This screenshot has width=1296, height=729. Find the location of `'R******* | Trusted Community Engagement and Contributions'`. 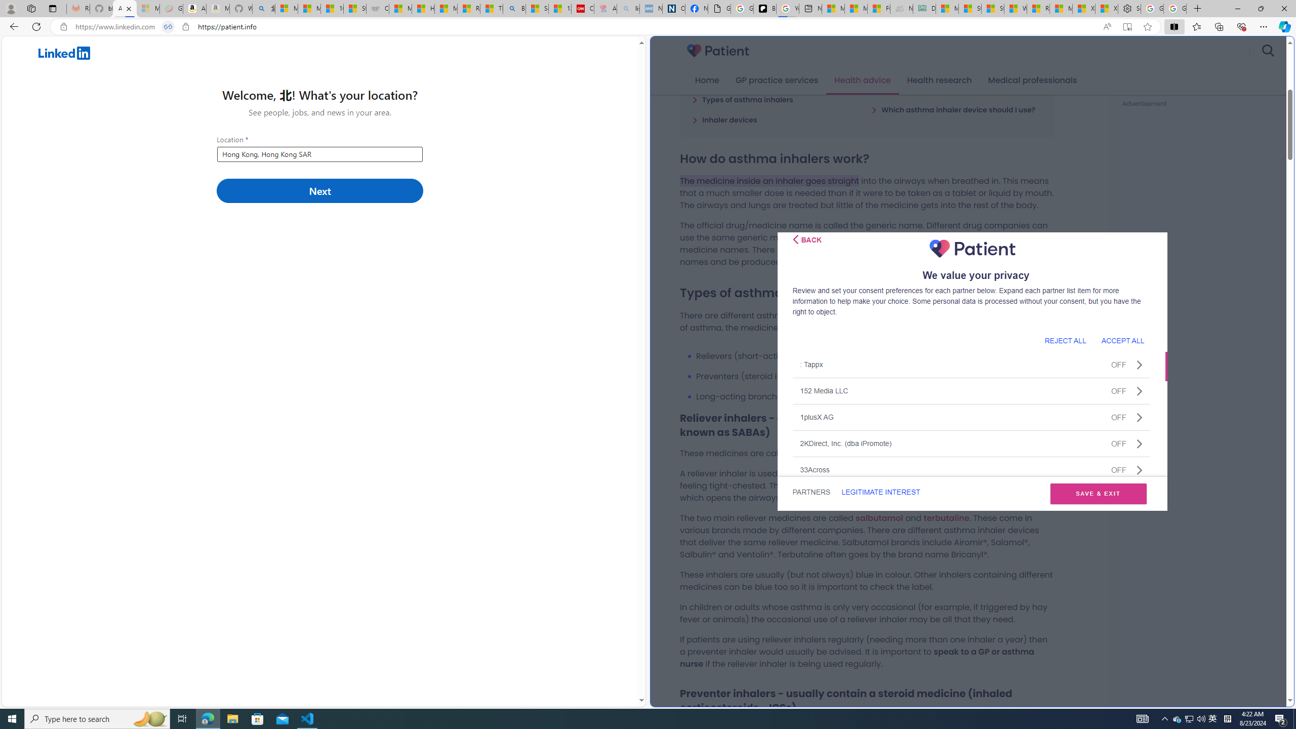

'R******* | Trusted Community Engagement and Contributions' is located at coordinates (1038, 8).